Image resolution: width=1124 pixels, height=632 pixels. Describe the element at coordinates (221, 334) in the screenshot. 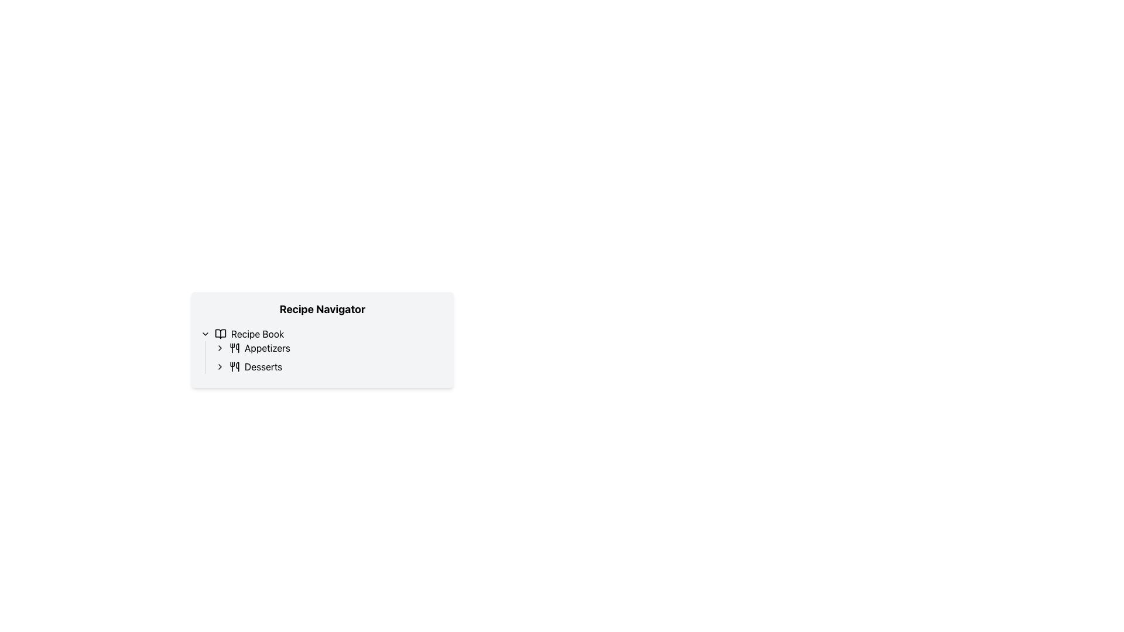

I see `the open book icon located` at that location.